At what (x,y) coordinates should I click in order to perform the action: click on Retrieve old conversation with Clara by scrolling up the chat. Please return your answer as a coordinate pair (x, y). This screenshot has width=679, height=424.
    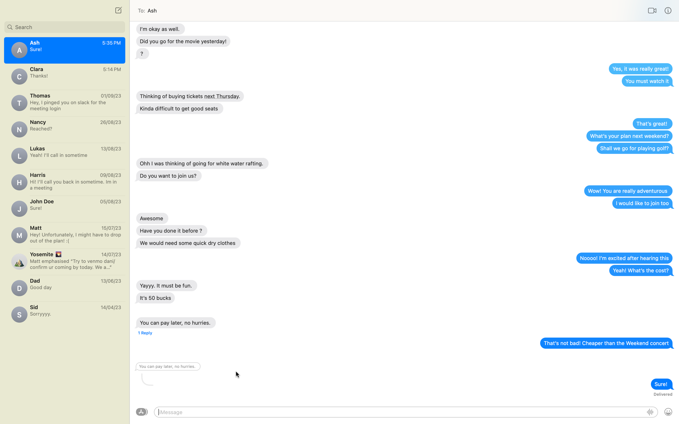
    Looking at the image, I should click on (64, 76).